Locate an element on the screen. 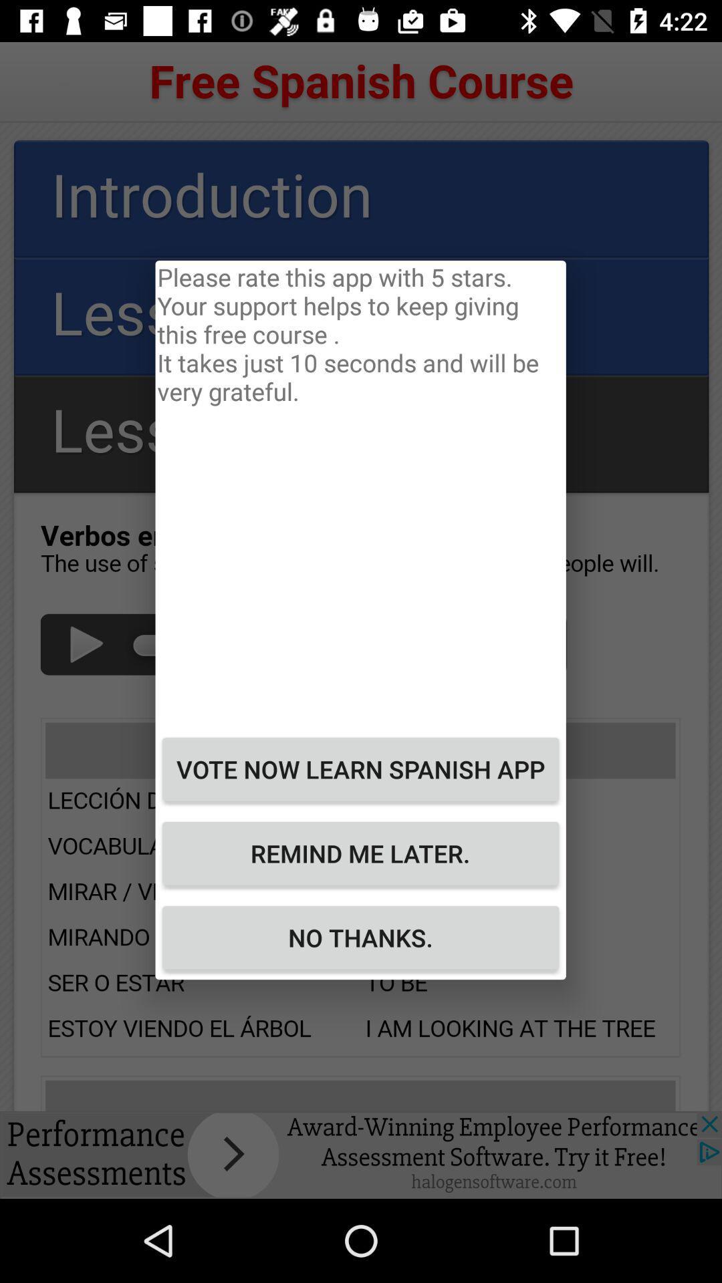 Image resolution: width=722 pixels, height=1283 pixels. the vote now learn icon is located at coordinates (360, 769).